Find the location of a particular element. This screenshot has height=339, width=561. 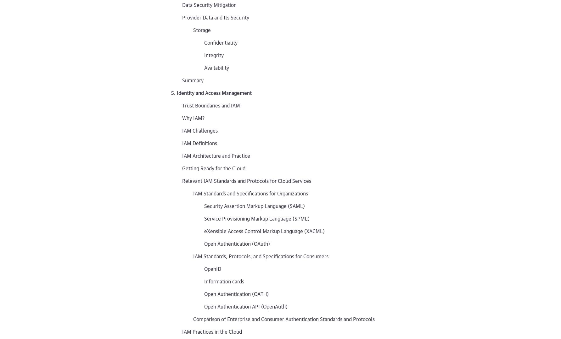

'Summary' is located at coordinates (193, 79).